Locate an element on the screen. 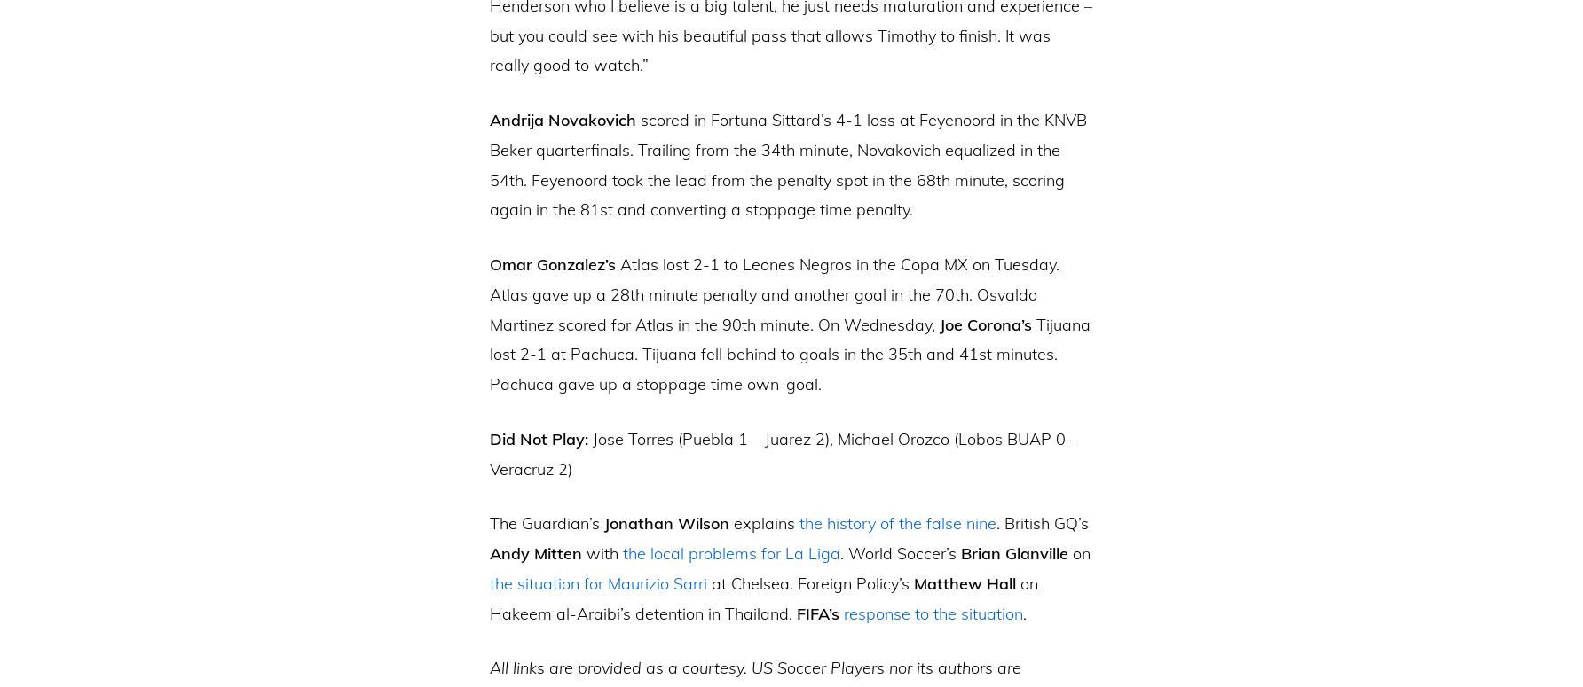 The width and height of the screenshot is (1583, 687). '. World Soccer’s' is located at coordinates (839, 553).